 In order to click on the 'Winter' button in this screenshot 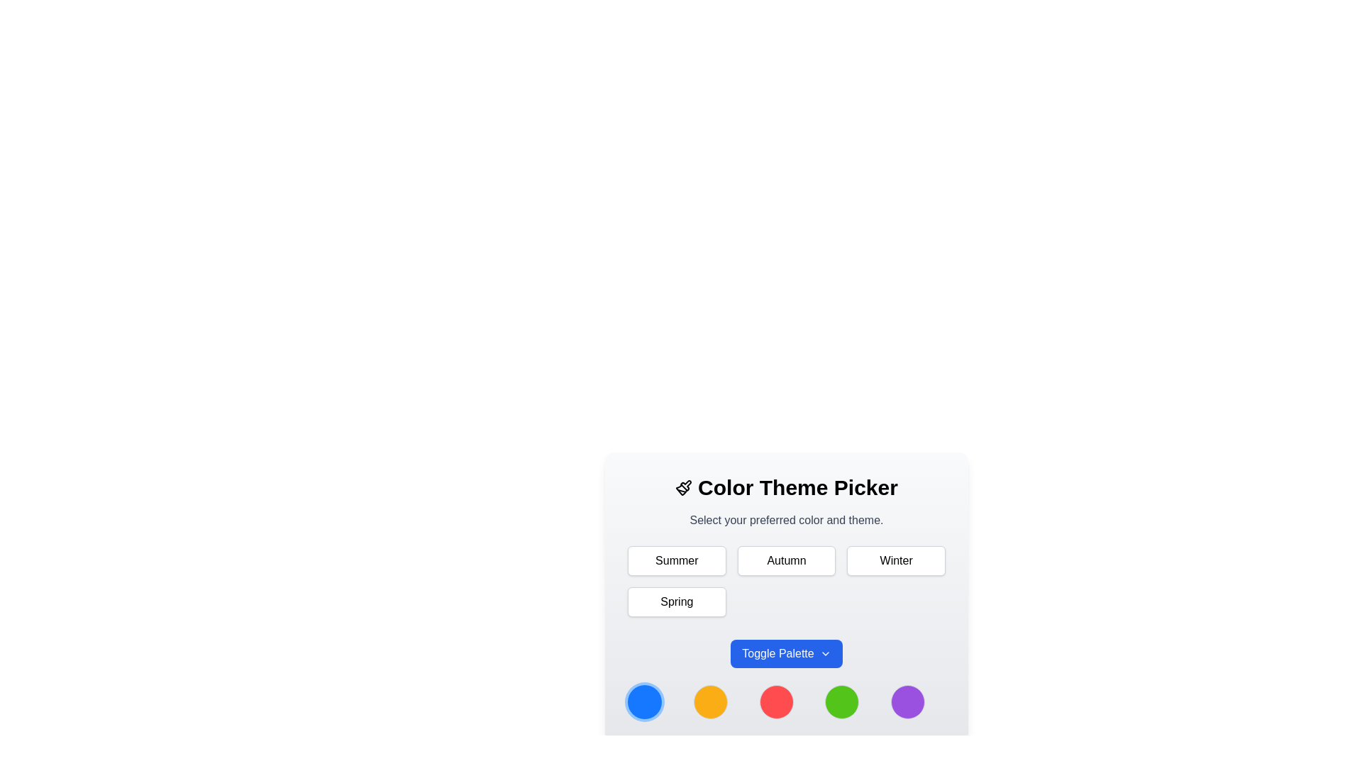, I will do `click(895, 560)`.